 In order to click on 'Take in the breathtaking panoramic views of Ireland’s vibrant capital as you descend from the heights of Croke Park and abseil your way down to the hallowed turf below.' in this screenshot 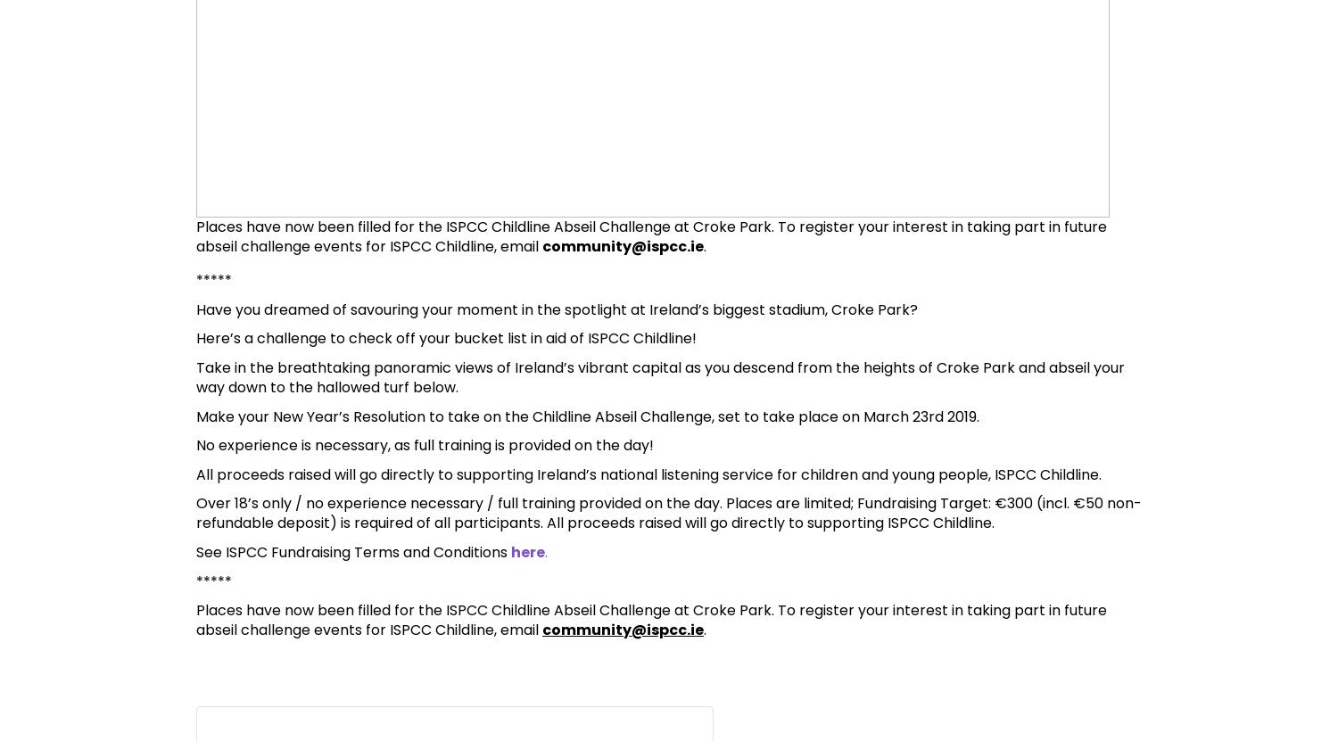, I will do `click(659, 375)`.